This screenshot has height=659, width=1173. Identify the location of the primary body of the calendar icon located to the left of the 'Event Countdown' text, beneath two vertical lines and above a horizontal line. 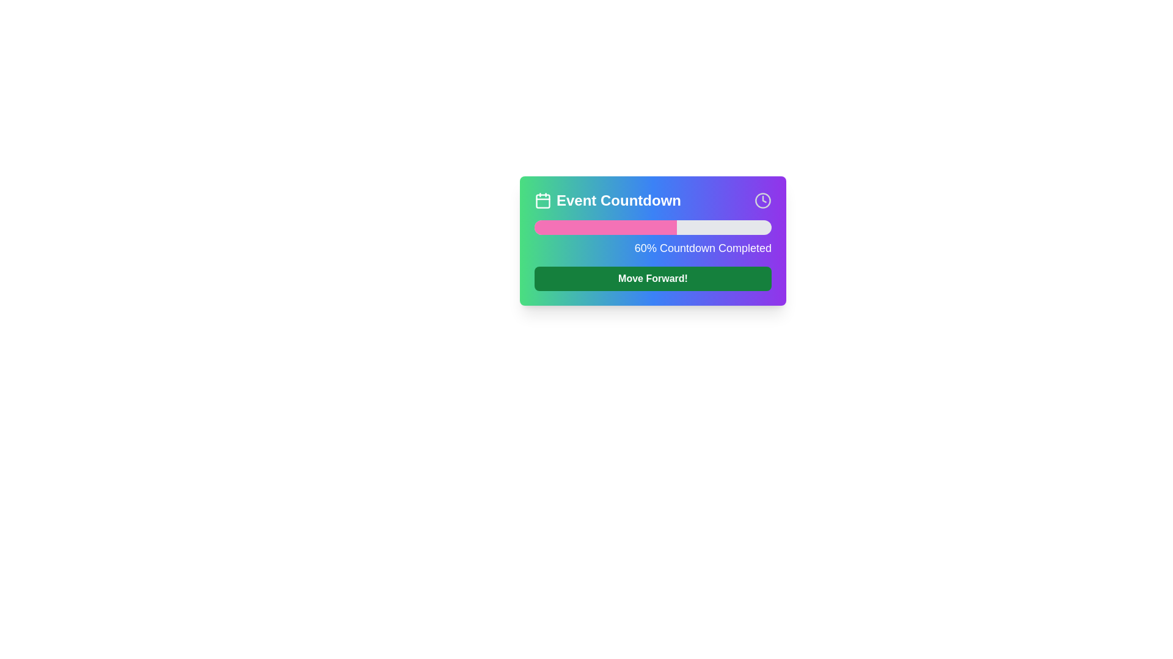
(542, 201).